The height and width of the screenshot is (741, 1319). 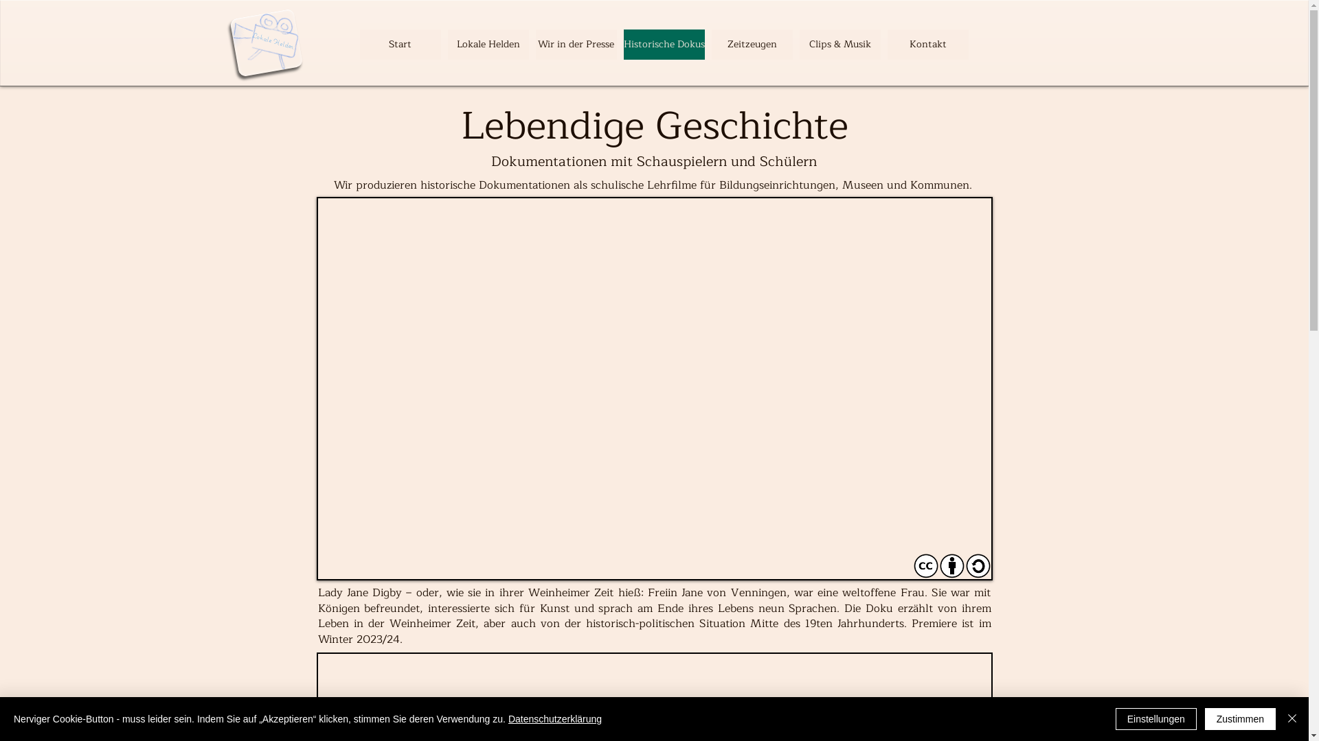 What do you see at coordinates (534, 44) in the screenshot?
I see `'Wir in der Presse'` at bounding box center [534, 44].